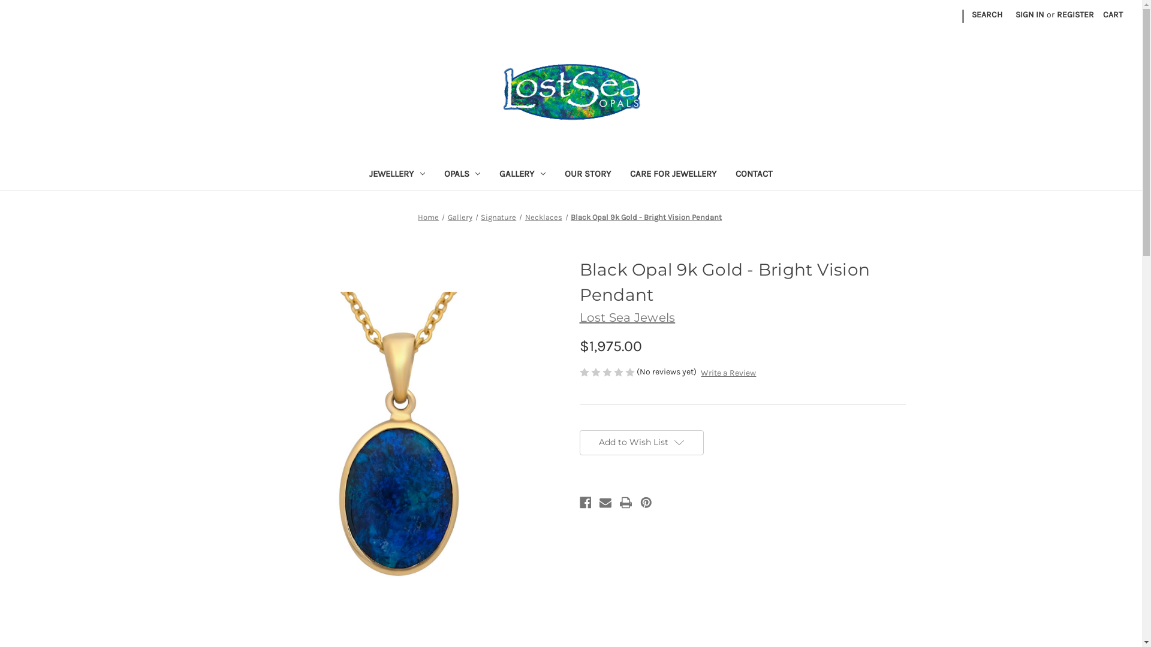  Describe the element at coordinates (543, 217) in the screenshot. I see `'Necklaces'` at that location.